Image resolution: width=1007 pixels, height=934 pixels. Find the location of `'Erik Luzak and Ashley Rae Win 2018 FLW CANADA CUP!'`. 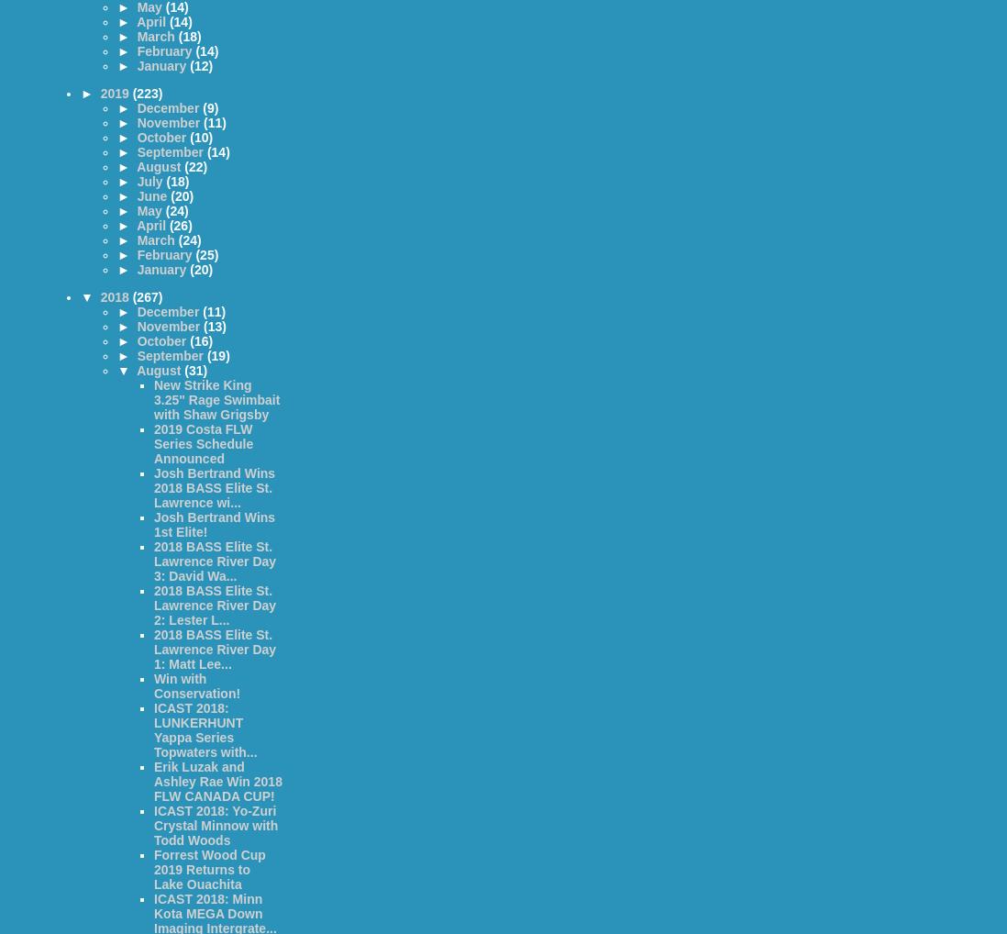

'Erik Luzak and Ashley Rae Win 2018 FLW CANADA CUP!' is located at coordinates (153, 780).